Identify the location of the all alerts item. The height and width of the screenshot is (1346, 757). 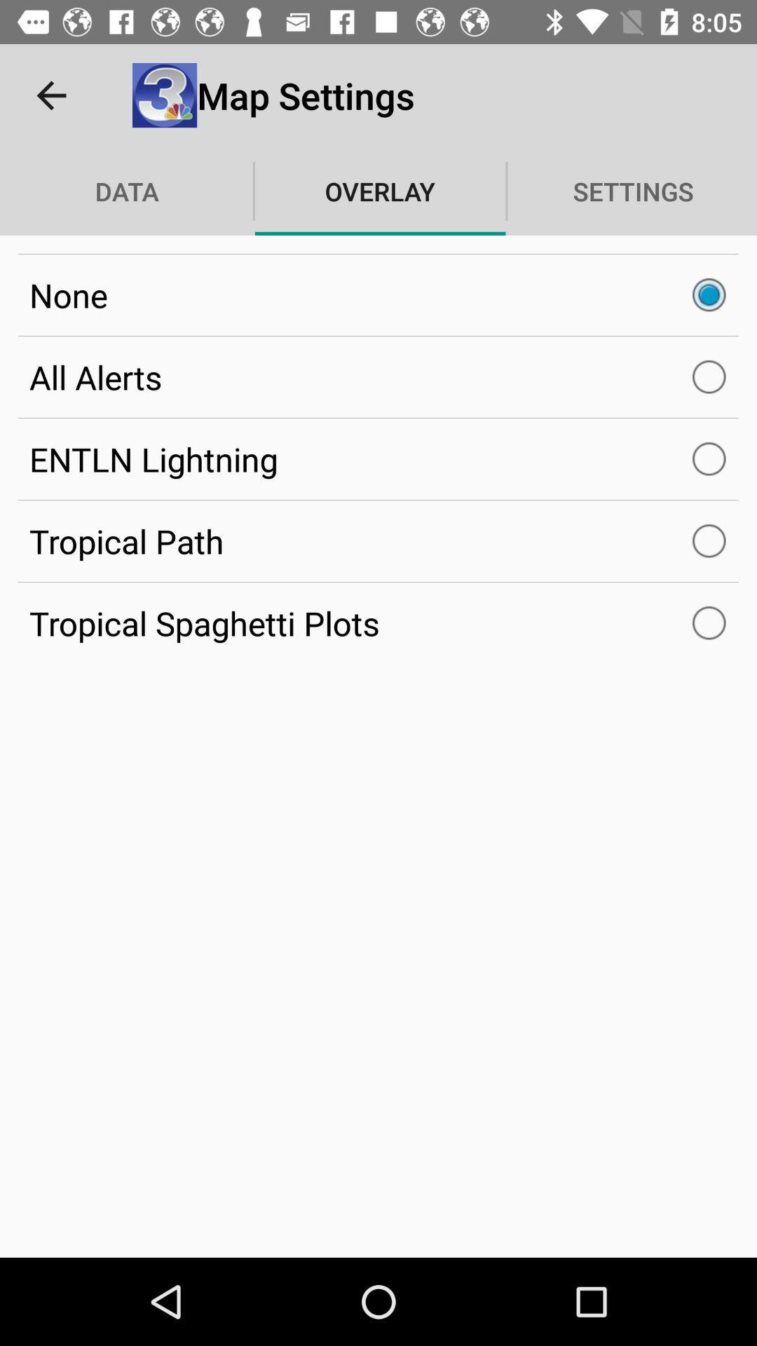
(378, 377).